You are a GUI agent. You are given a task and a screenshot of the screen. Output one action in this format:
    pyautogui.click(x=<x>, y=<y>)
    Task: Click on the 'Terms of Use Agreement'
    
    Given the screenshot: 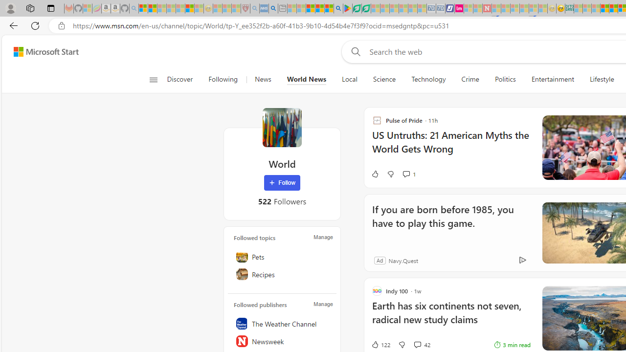 What is the action you would take?
    pyautogui.click(x=356, y=8)
    